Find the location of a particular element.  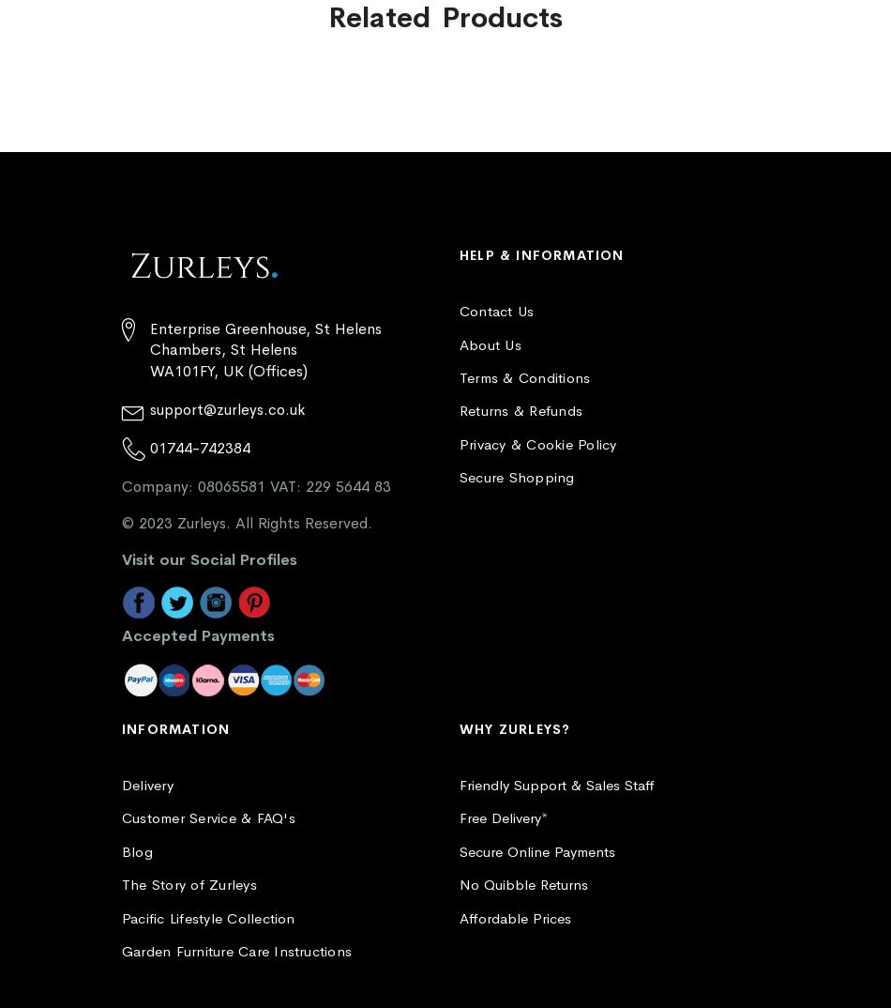

'Why Zurleys?' is located at coordinates (515, 726).